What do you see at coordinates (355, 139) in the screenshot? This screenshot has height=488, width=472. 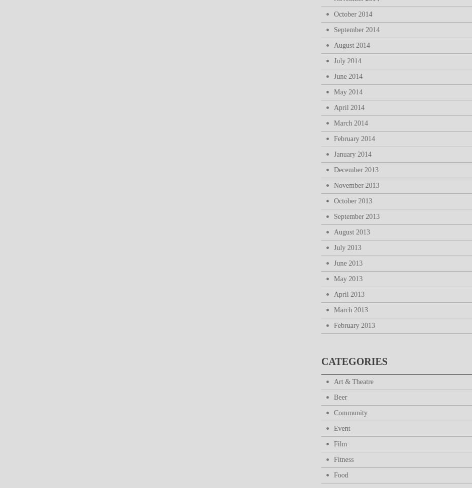 I see `'February 2014'` at bounding box center [355, 139].